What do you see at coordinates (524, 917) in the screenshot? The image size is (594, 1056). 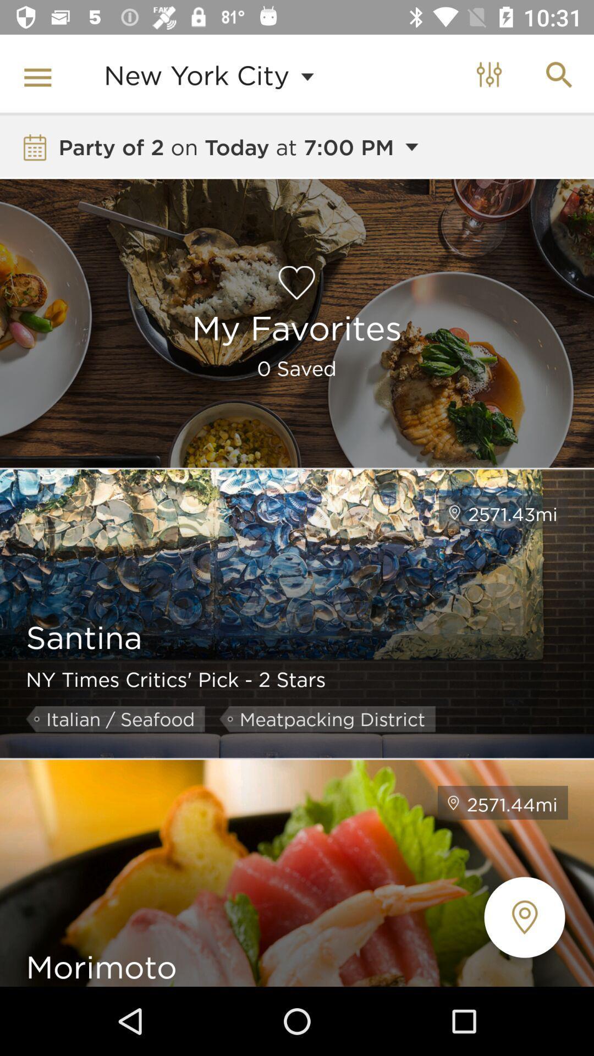 I see `the location icon` at bounding box center [524, 917].